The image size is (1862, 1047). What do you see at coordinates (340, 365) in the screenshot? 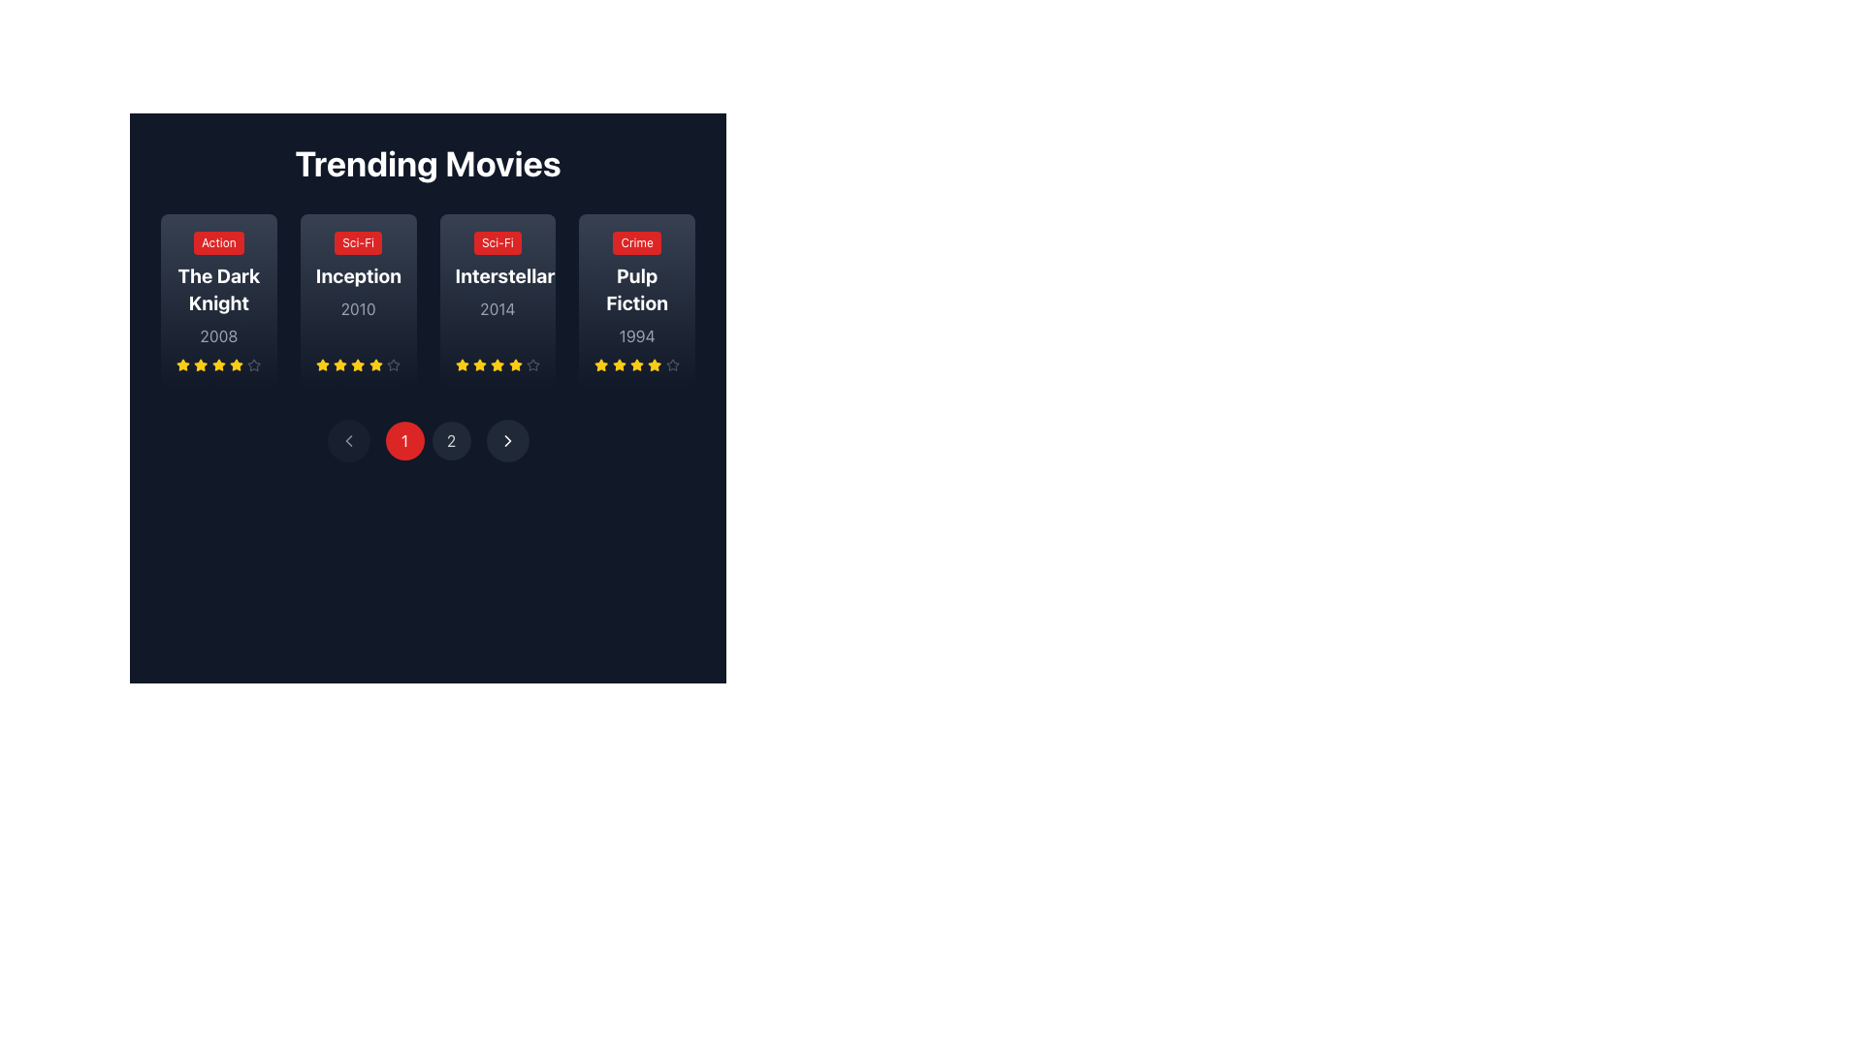
I see `the yellow five-pointed star icon in the second movie card under the title 'Inception' for accessibility` at bounding box center [340, 365].